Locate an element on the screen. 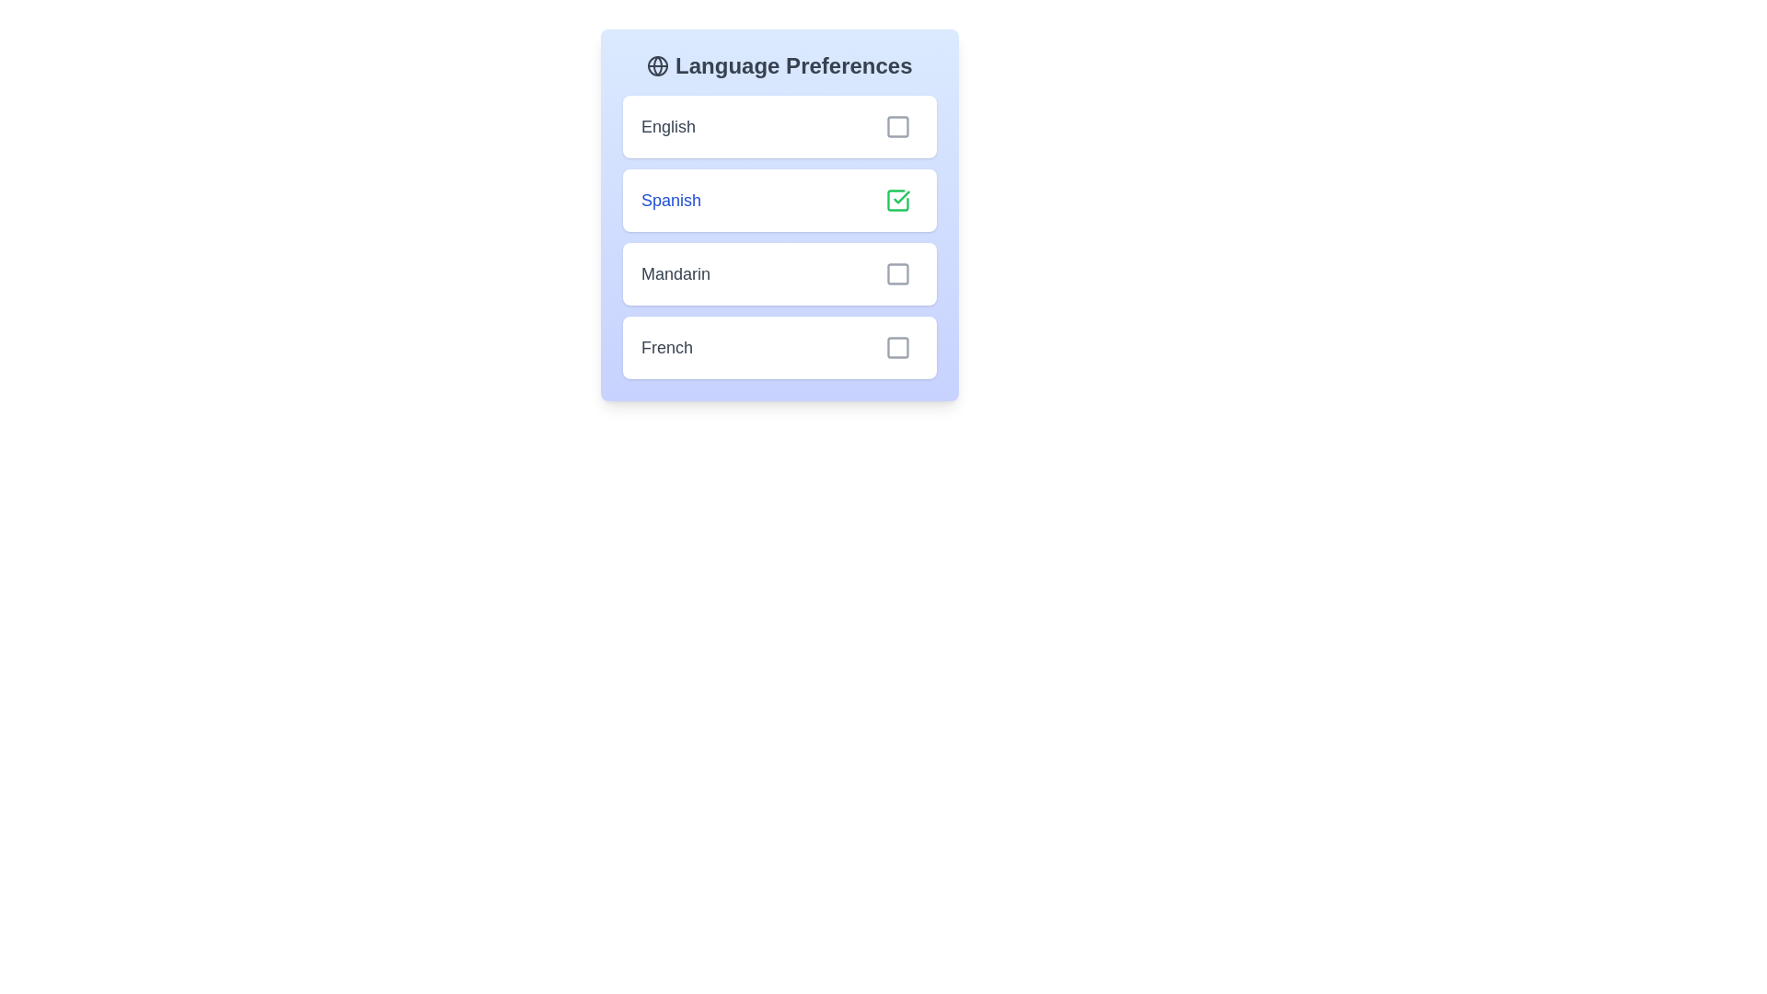 The height and width of the screenshot is (994, 1767). the checkbox indicator for the 'French' option is located at coordinates (897, 348).